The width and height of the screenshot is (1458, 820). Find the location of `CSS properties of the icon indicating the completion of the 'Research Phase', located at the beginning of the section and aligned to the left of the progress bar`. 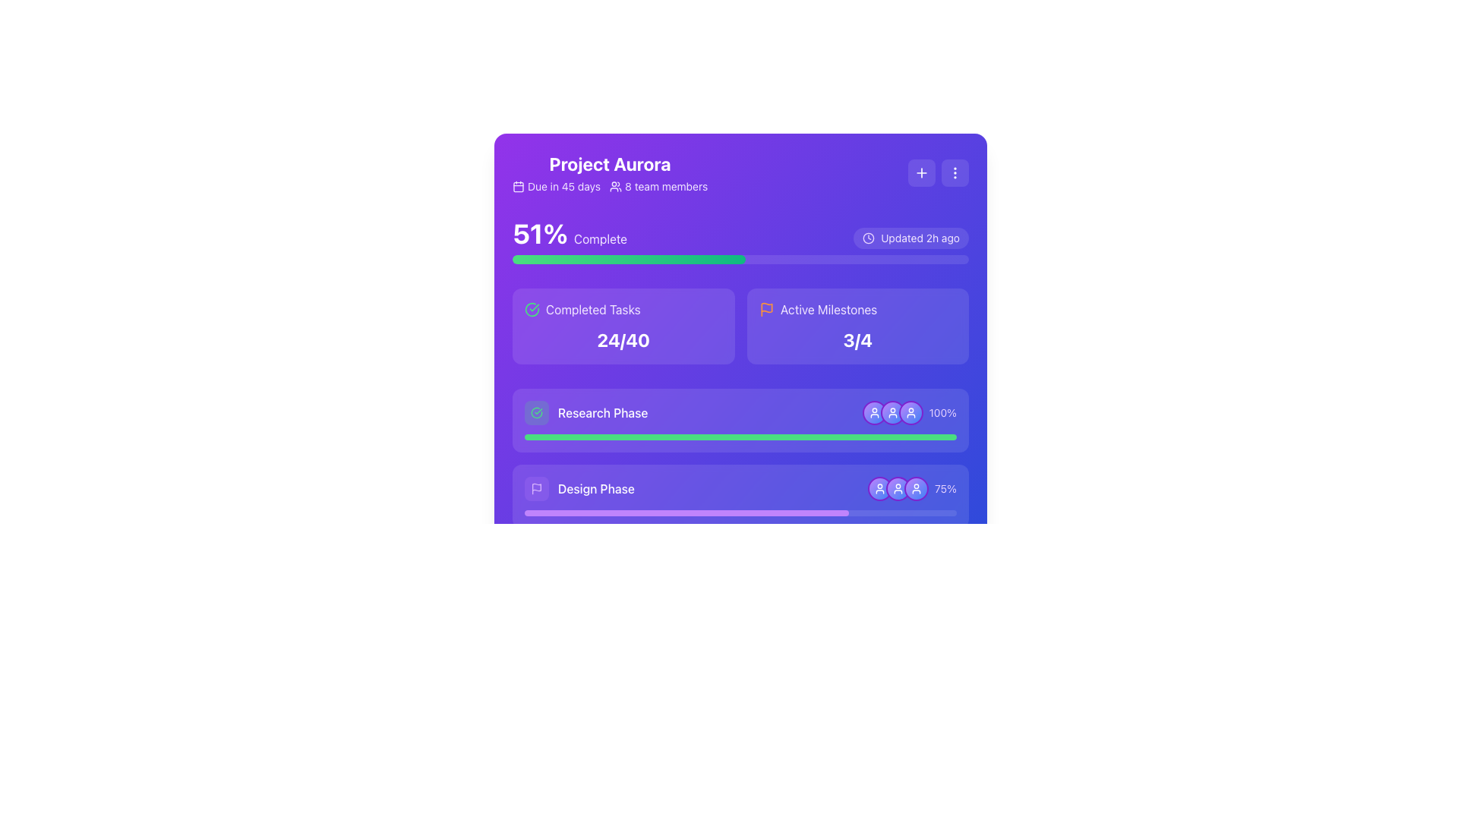

CSS properties of the icon indicating the completion of the 'Research Phase', located at the beginning of the section and aligned to the left of the progress bar is located at coordinates (536, 412).